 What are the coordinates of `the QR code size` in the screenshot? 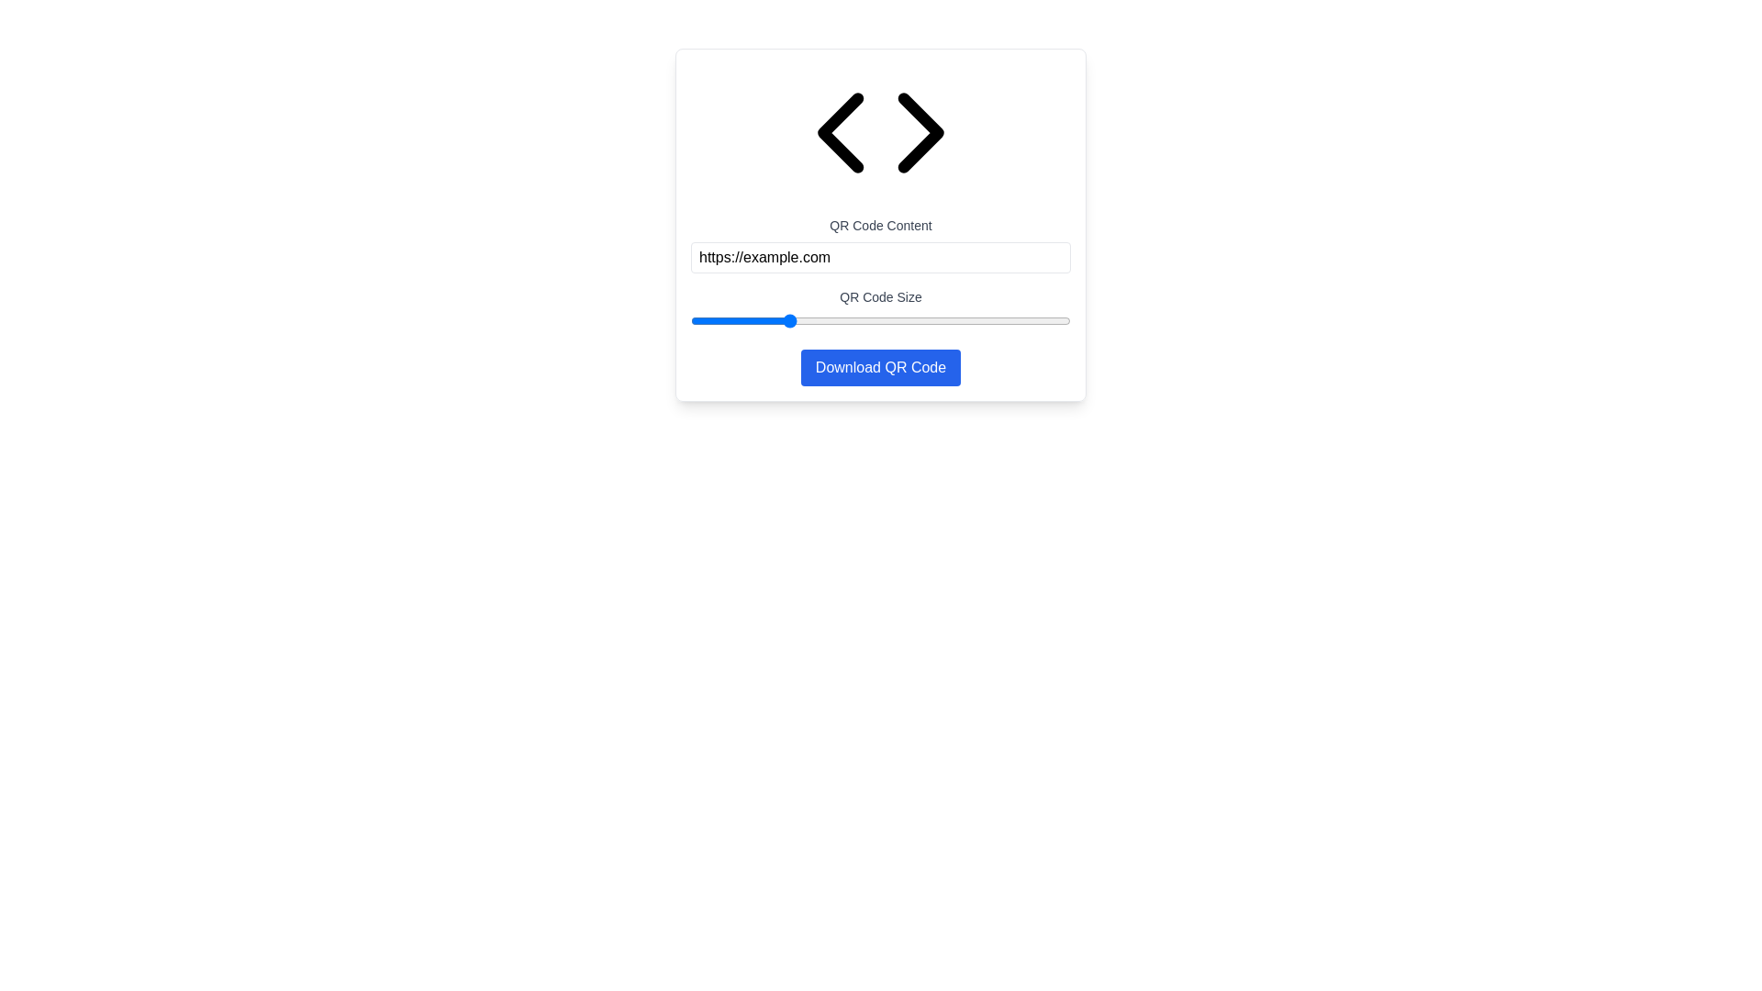 It's located at (1001, 320).